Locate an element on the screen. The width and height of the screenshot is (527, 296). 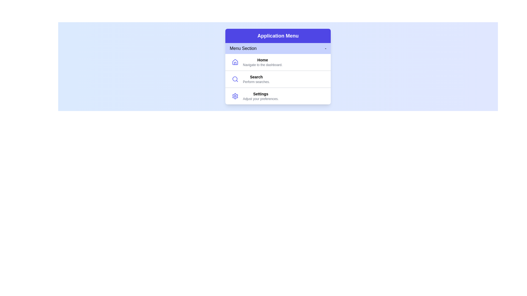
the menu header to toggle its state is located at coordinates (278, 48).